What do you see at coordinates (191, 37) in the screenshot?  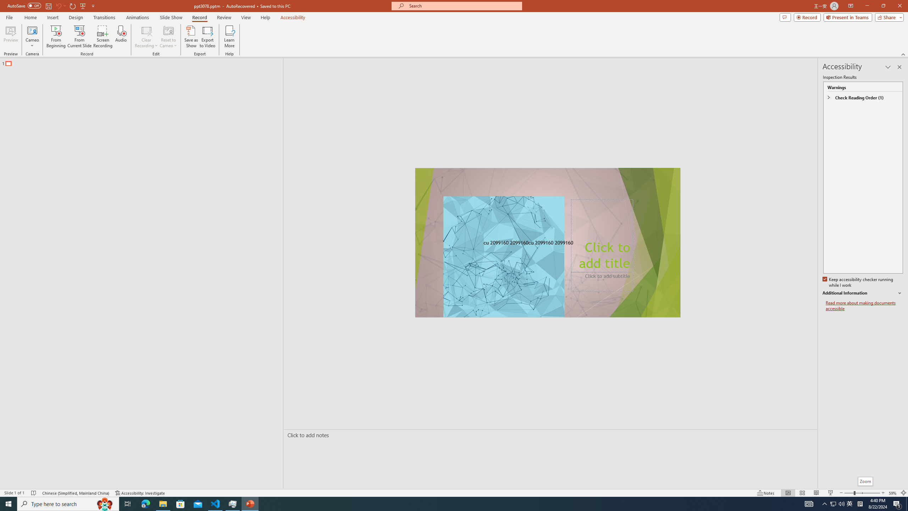 I see `'Save as Show'` at bounding box center [191, 37].